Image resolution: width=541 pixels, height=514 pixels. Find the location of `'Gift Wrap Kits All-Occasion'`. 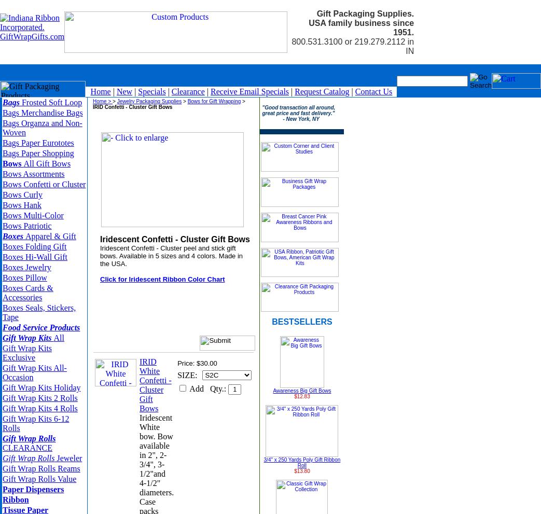

'Gift Wrap Kits All-Occasion' is located at coordinates (34, 372).